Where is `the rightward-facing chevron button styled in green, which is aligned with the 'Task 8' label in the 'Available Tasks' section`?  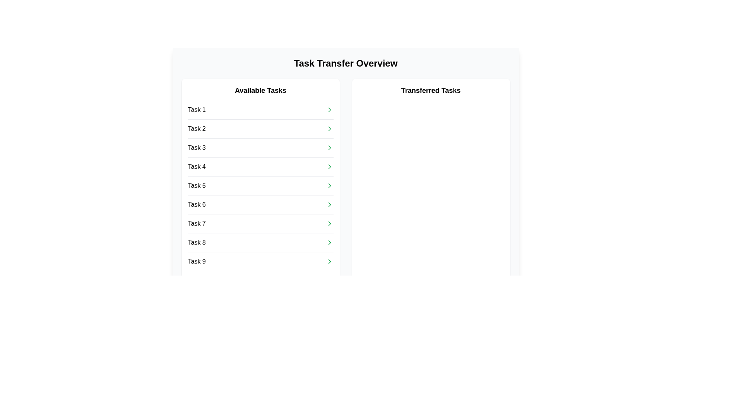 the rightward-facing chevron button styled in green, which is aligned with the 'Task 8' label in the 'Available Tasks' section is located at coordinates (329, 242).